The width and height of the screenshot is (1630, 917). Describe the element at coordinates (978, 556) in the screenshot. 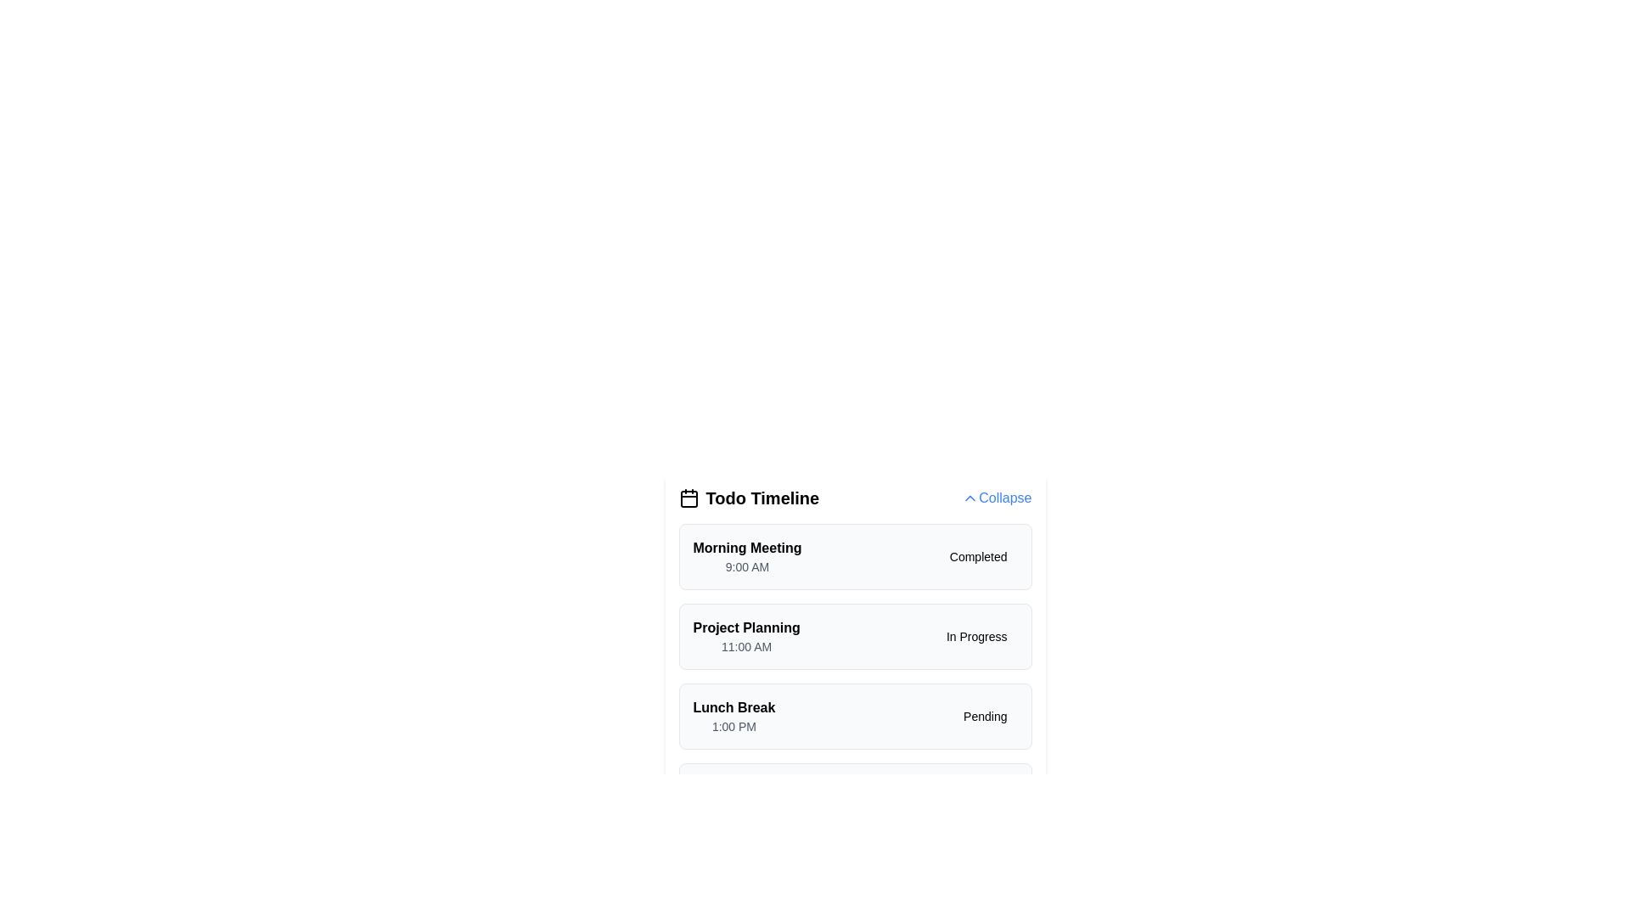

I see `the 'Completed' status label located in the 'Todo Timeline' list, to the right of the 'Morning Meeting' entry` at that location.